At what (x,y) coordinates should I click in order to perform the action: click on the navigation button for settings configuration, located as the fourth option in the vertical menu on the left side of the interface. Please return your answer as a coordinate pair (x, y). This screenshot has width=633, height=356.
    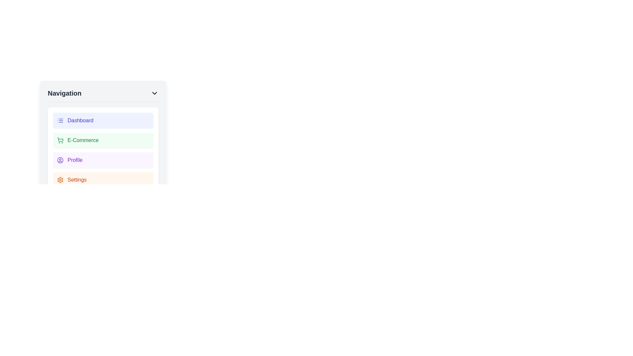
    Looking at the image, I should click on (103, 180).